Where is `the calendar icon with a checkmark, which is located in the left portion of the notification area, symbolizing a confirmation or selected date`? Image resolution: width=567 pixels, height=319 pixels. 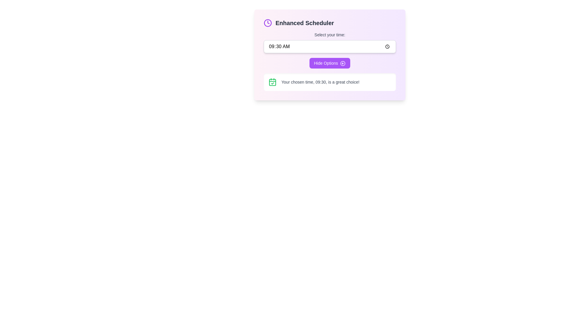 the calendar icon with a checkmark, which is located in the left portion of the notification area, symbolizing a confirmation or selected date is located at coordinates (272, 82).